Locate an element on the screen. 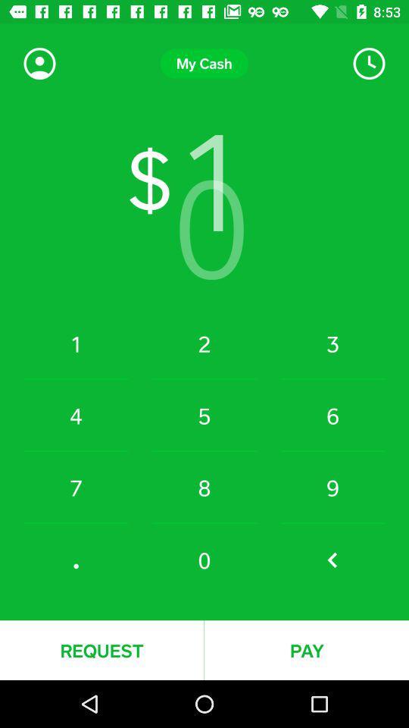 The height and width of the screenshot is (728, 409). the time icon is located at coordinates (368, 64).